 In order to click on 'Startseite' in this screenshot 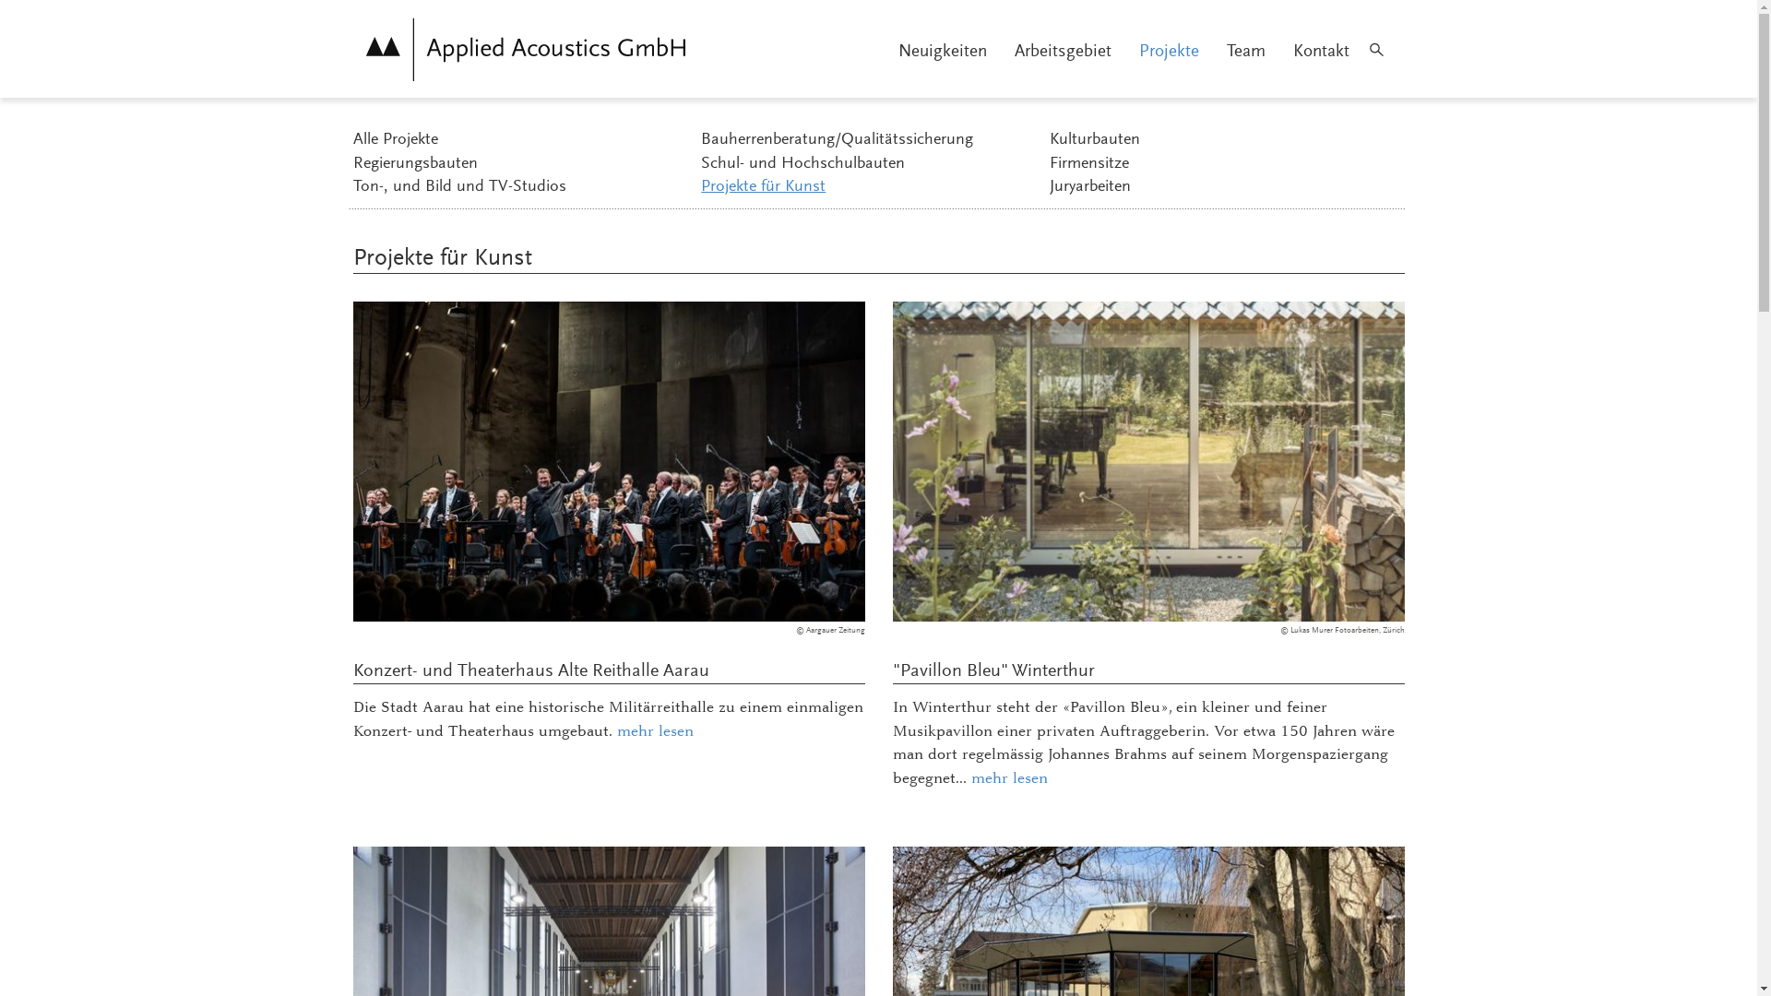, I will do `click(524, 48)`.